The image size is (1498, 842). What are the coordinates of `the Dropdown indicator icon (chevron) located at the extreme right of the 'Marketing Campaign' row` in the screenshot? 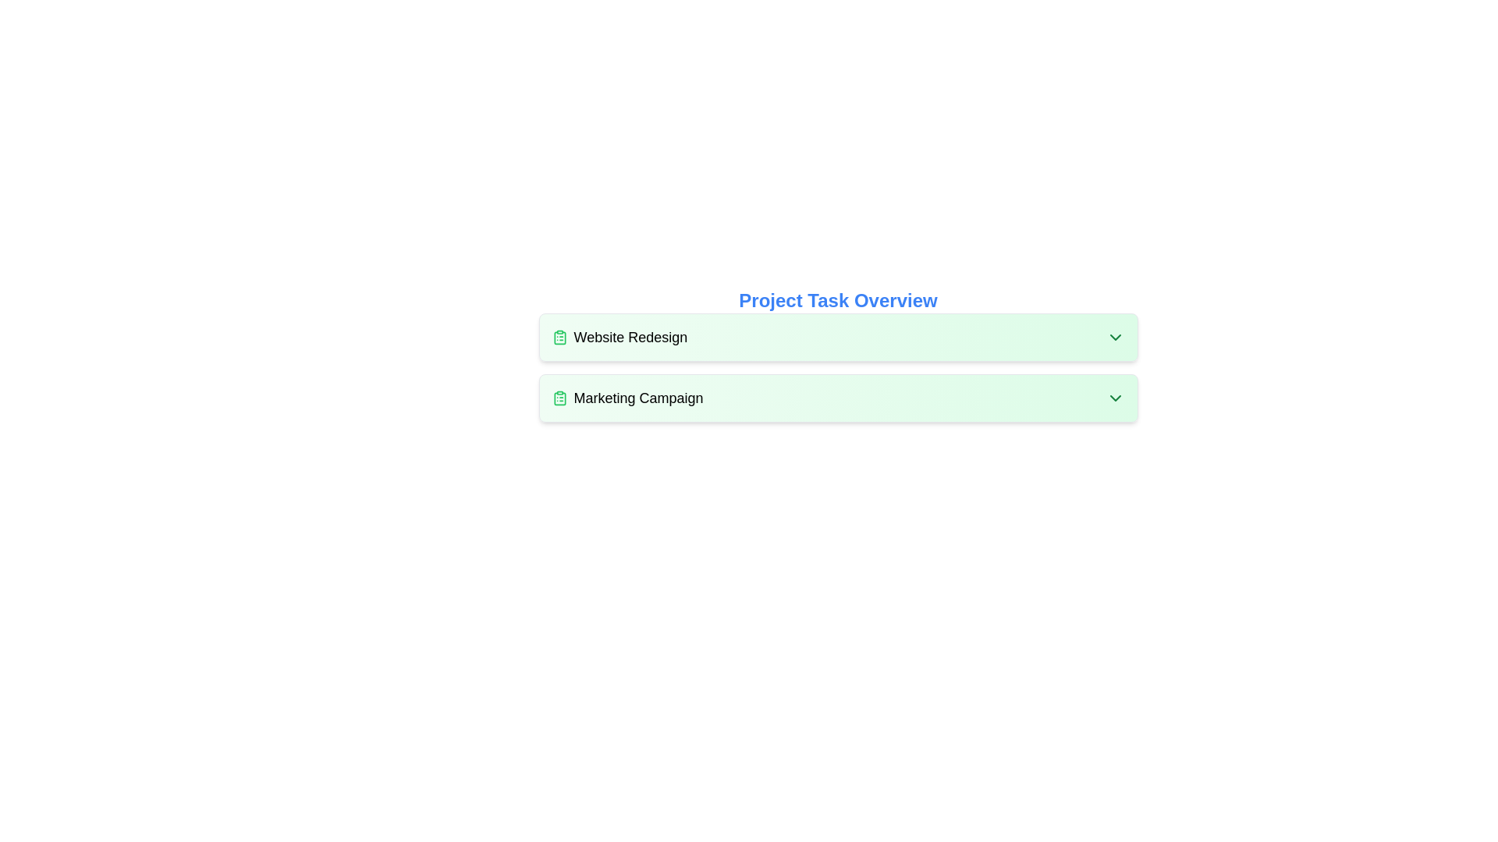 It's located at (1114, 397).